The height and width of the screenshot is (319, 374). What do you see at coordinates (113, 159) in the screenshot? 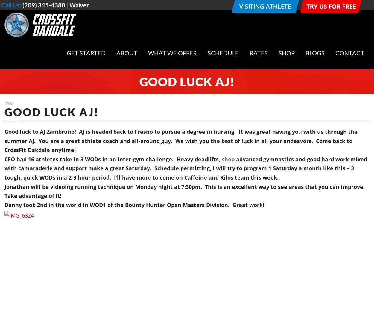
I see `'CFO had 16 athletes take in 3 WODs in an inter-gym challenge.  Heavy deadlifts,'` at bounding box center [113, 159].